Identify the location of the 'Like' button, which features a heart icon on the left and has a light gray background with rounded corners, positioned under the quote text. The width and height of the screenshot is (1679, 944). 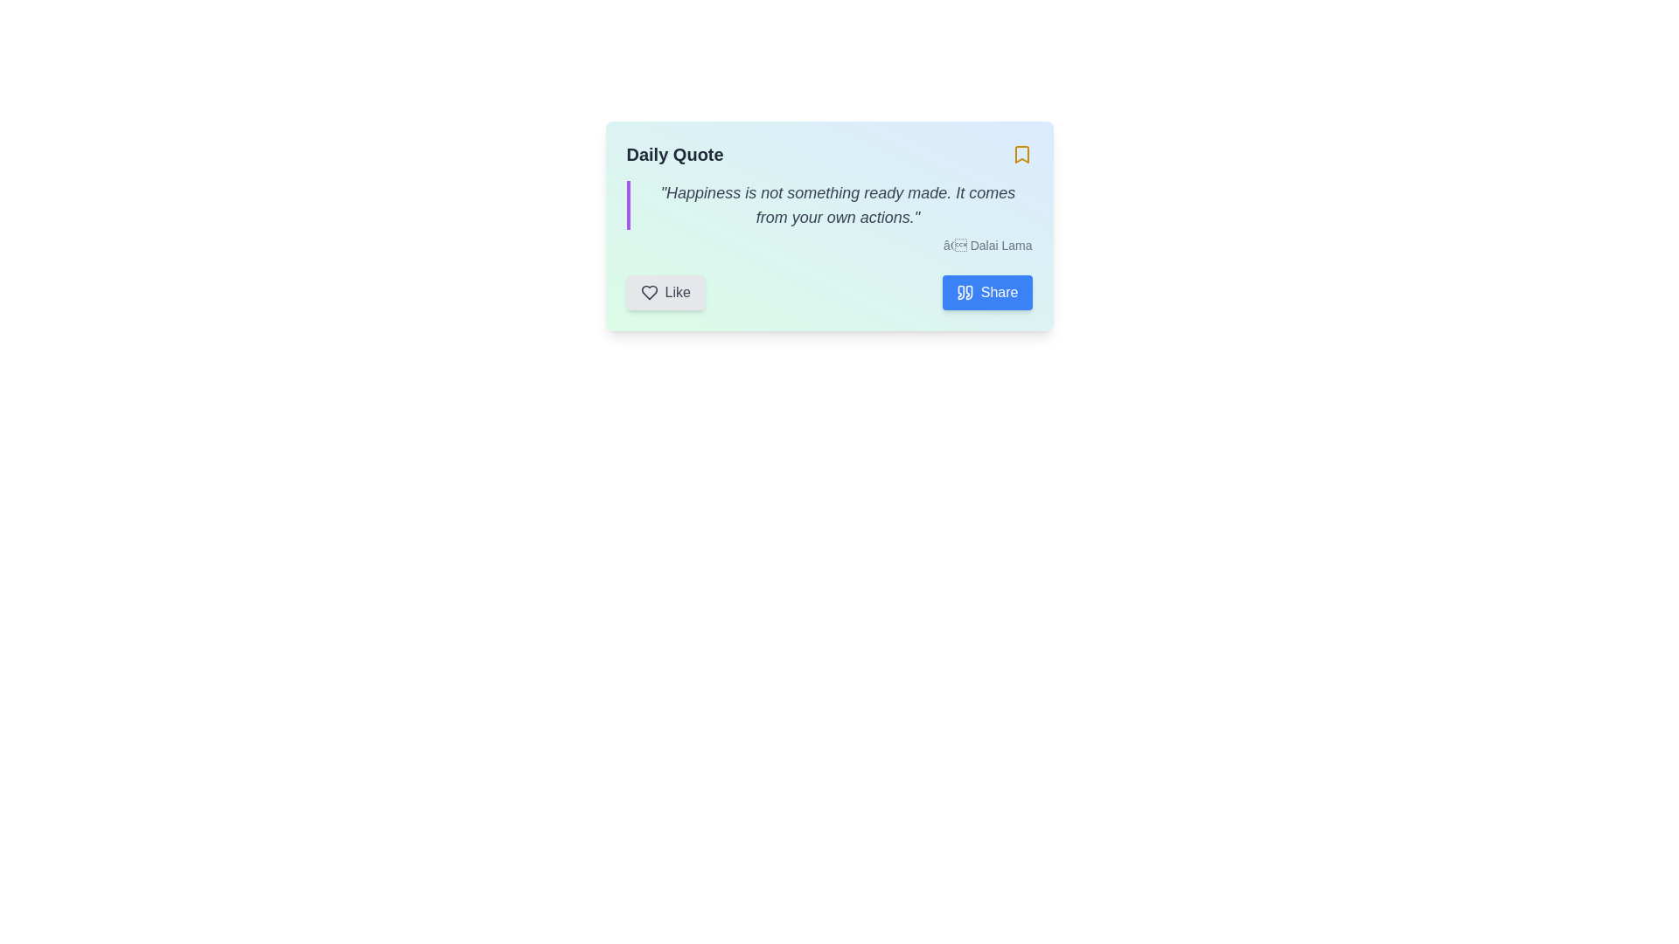
(665, 292).